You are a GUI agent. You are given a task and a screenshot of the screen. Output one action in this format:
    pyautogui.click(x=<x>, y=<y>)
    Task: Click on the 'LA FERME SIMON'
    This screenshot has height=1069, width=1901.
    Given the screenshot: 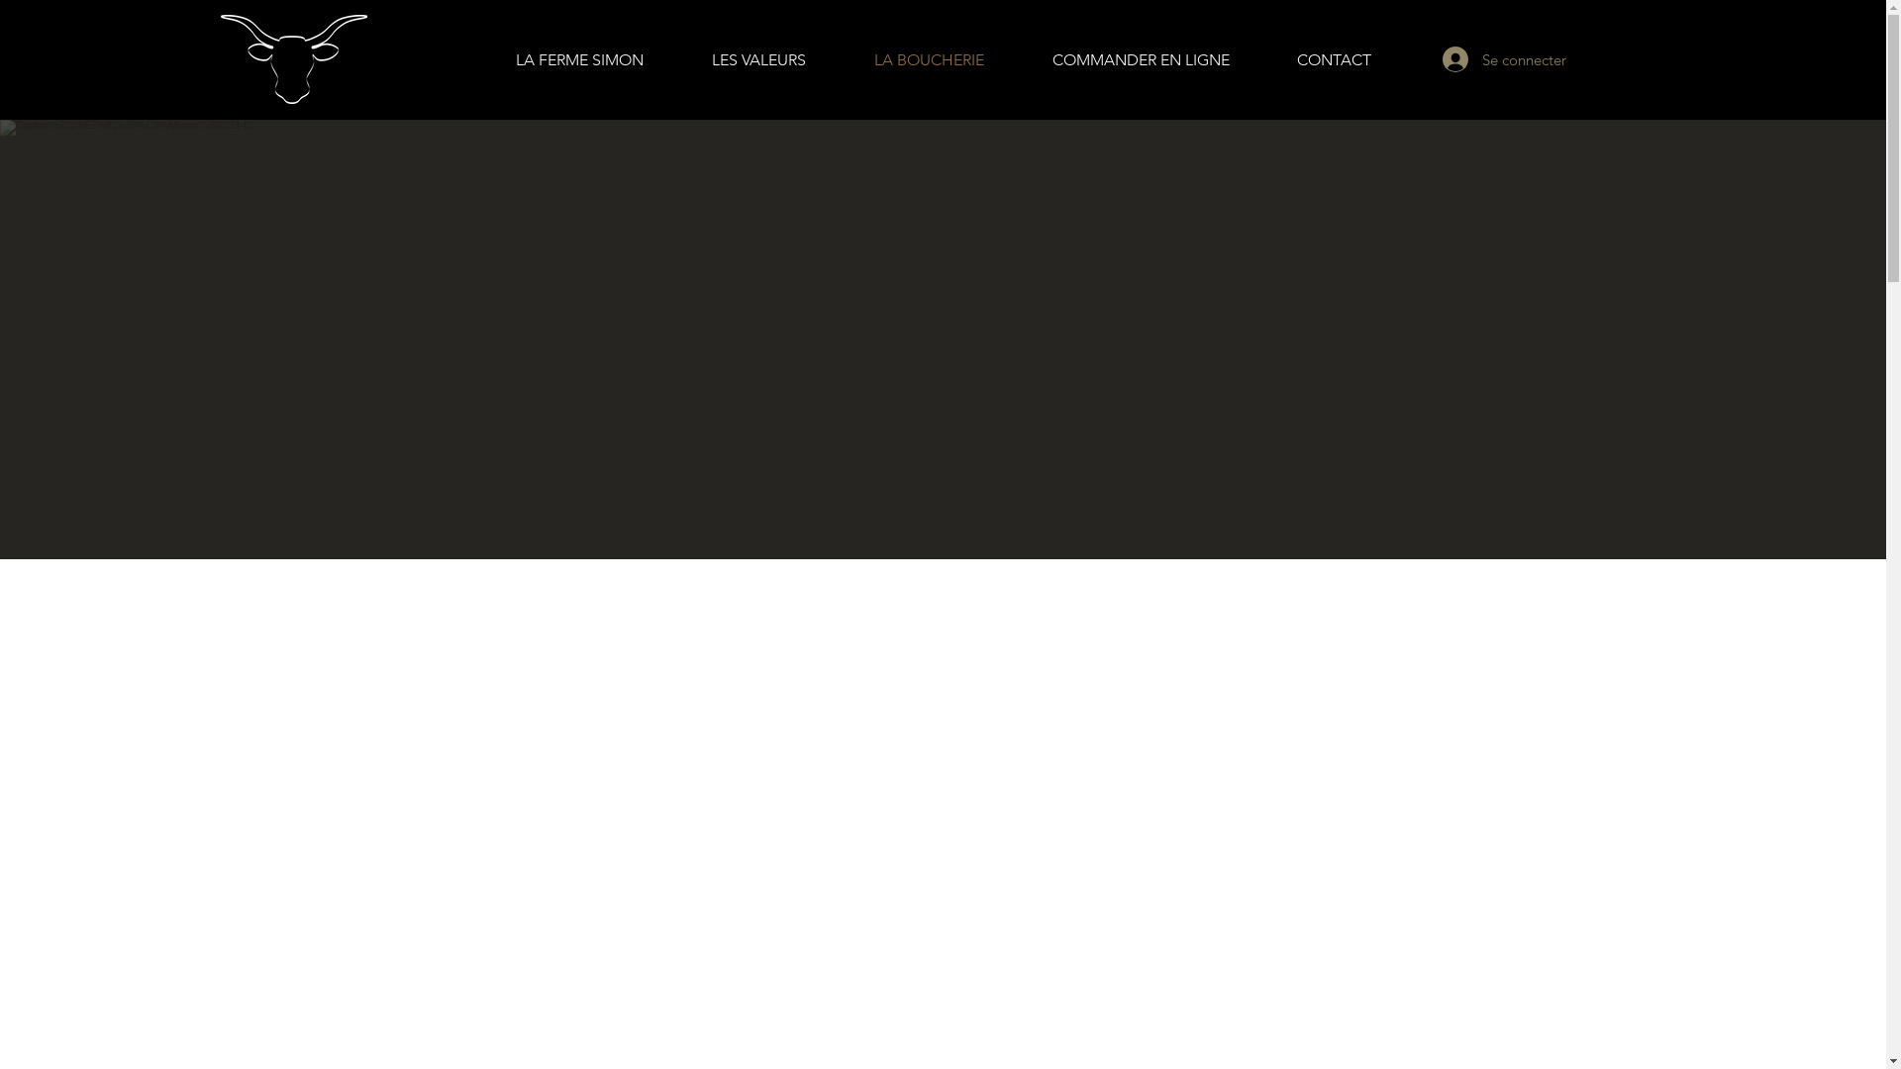 What is the action you would take?
    pyautogui.click(x=480, y=59)
    